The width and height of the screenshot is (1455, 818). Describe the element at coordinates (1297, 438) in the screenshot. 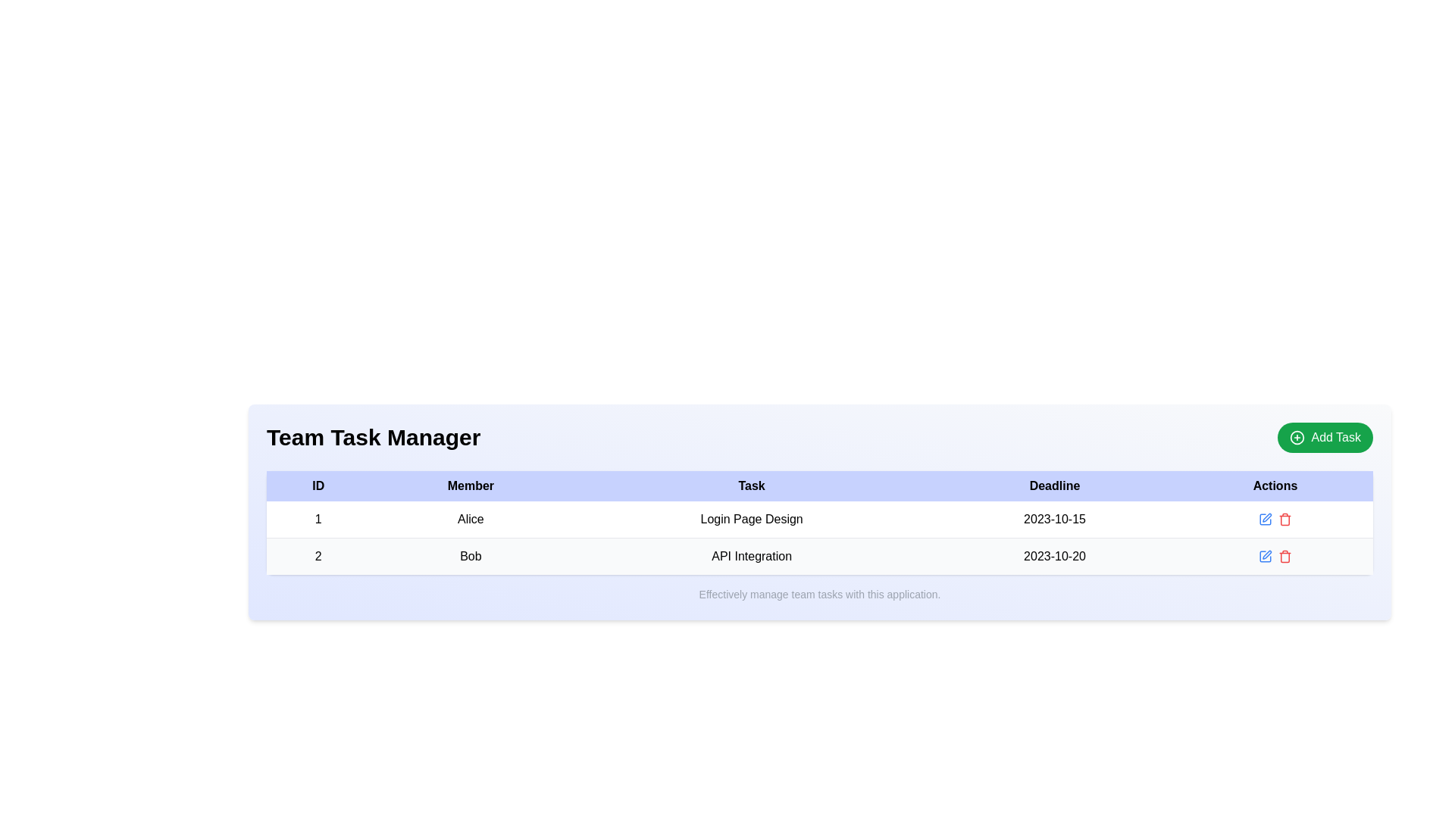

I see `the circular icon with a cross inside it, located within the 'Add Task' button at the top-right corner of the interface` at that location.